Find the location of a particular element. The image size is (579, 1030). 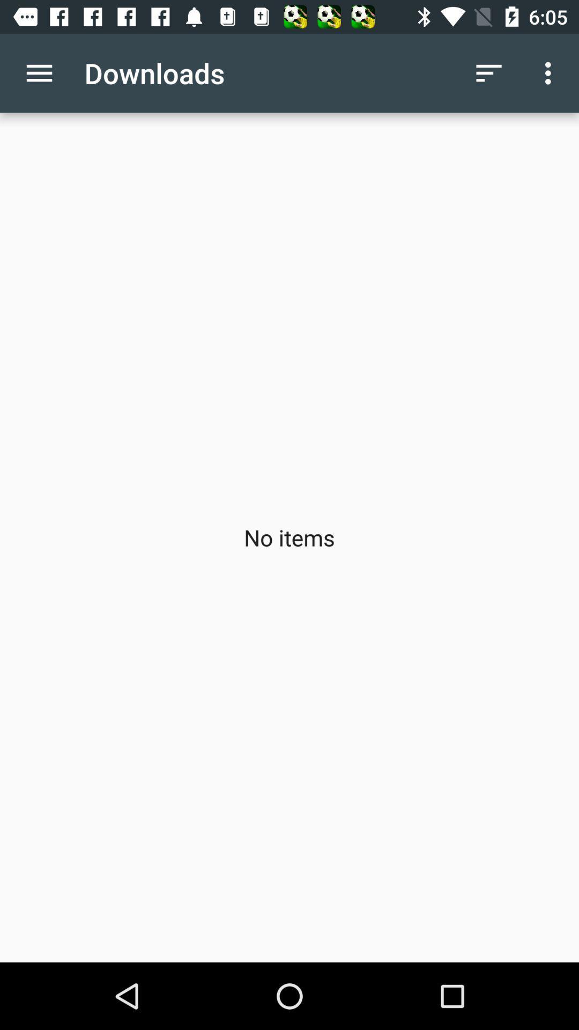

app next to the downloads item is located at coordinates (39, 72).